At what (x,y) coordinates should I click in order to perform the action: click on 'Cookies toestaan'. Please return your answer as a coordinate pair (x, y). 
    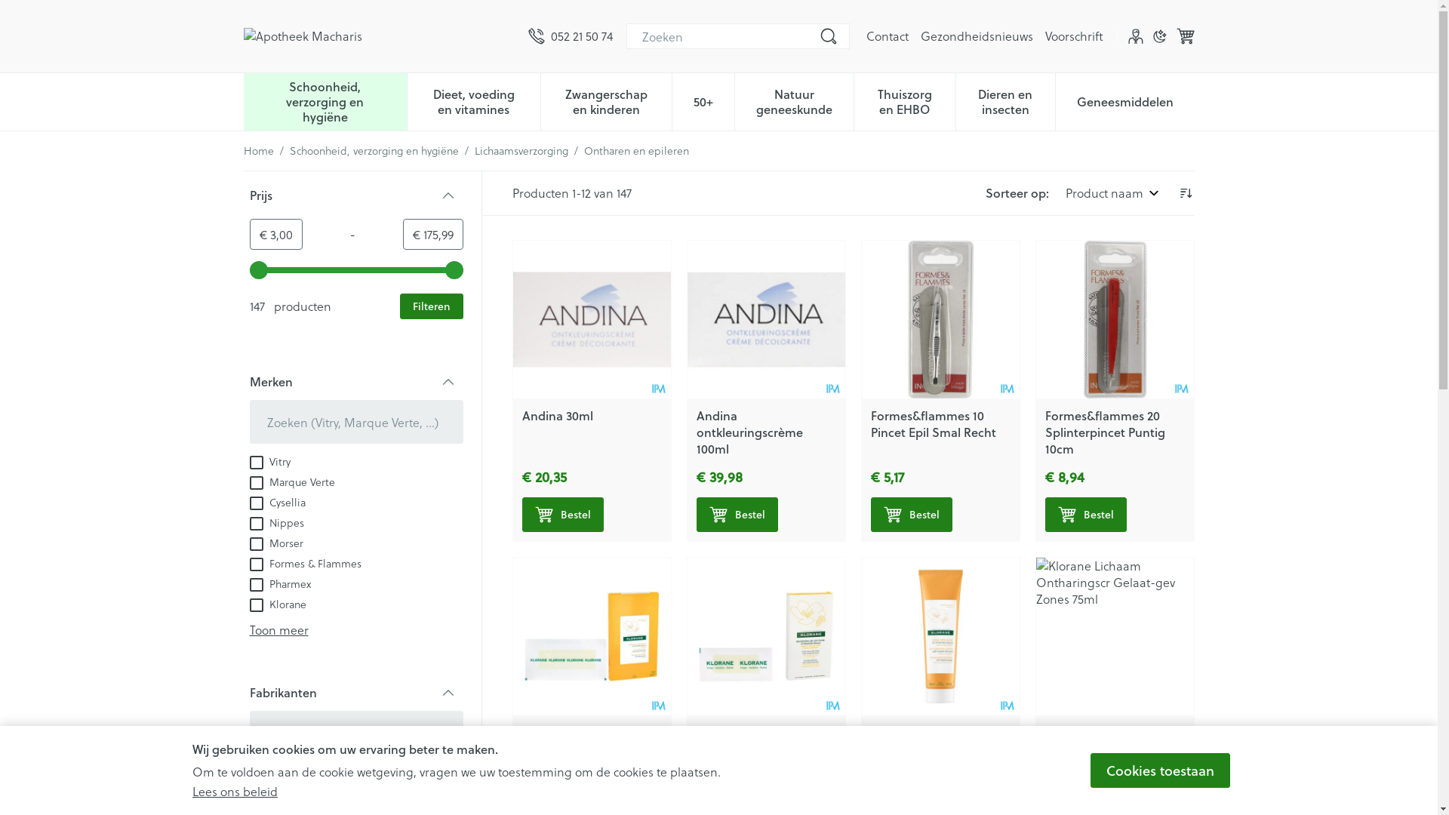
    Looking at the image, I should click on (1159, 770).